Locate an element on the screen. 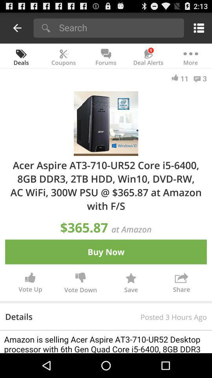 The width and height of the screenshot is (212, 378). button next to save is located at coordinates (181, 283).